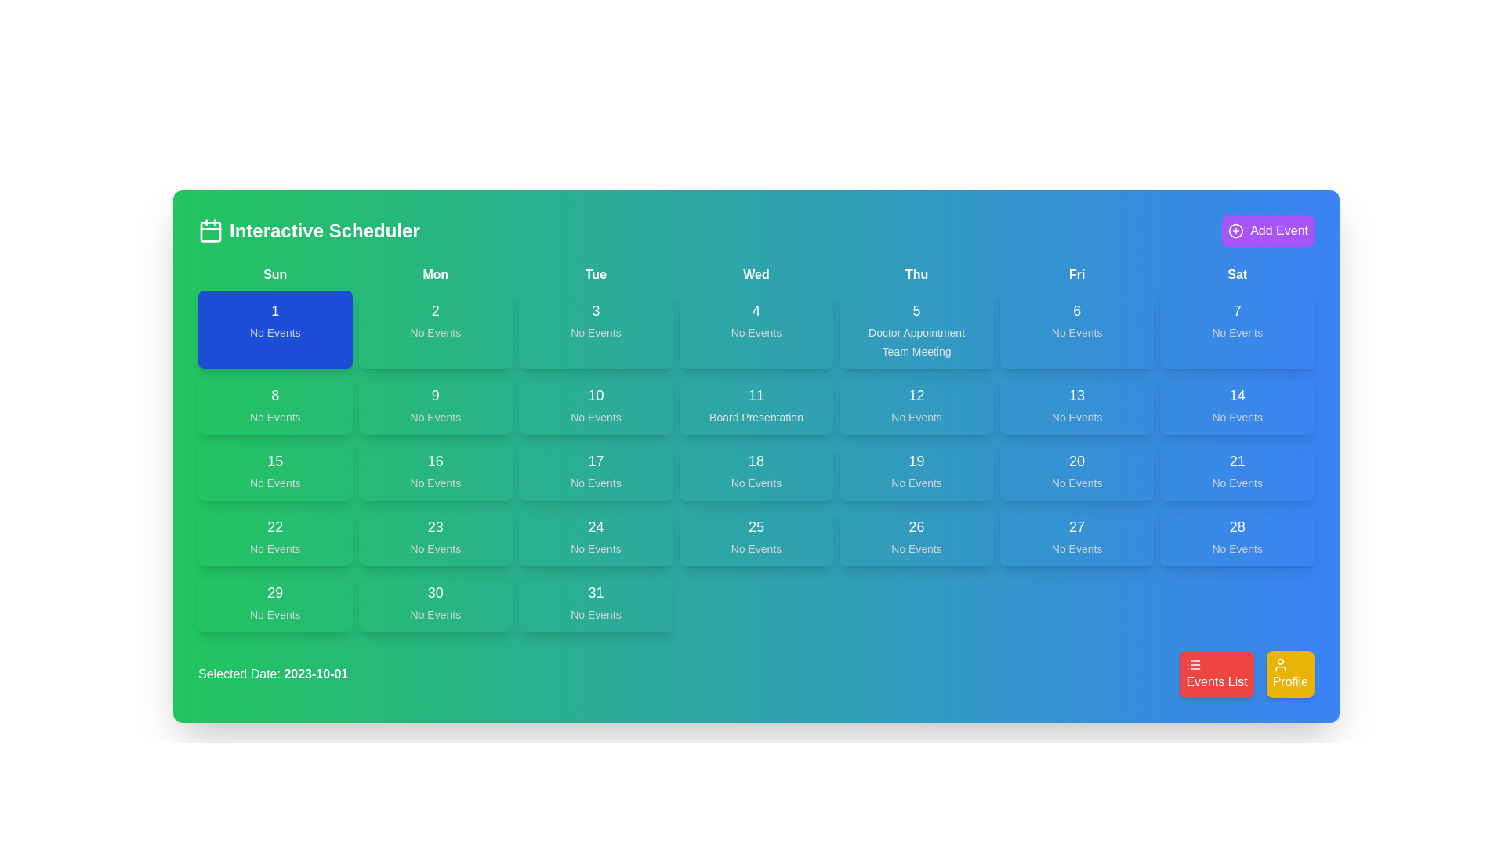 The width and height of the screenshot is (1505, 846). Describe the element at coordinates (275, 483) in the screenshot. I see `the 'No Events' text label displayed in a smaller font size and light gray color within the green cell labeled '15' in the calendar view` at that location.